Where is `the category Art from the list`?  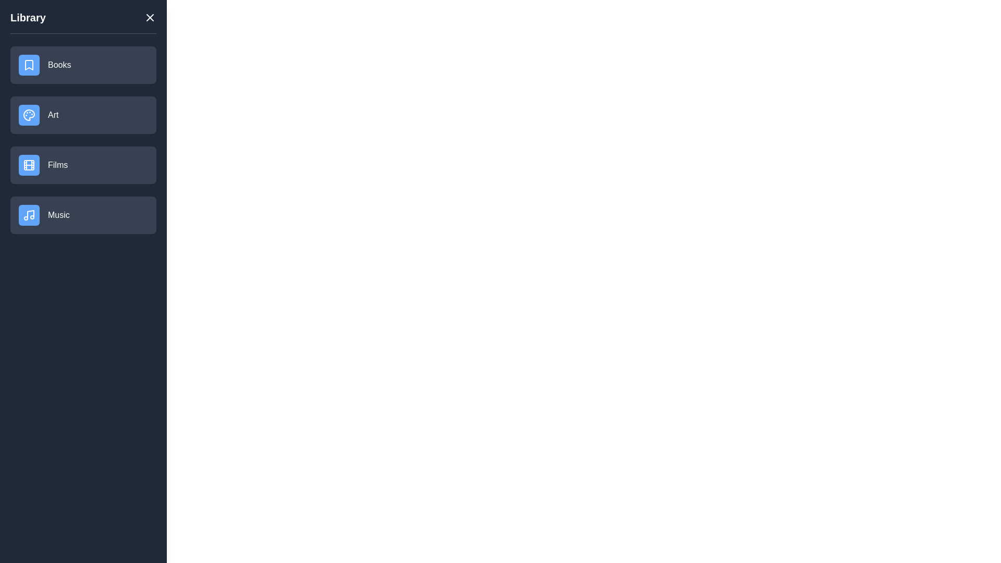 the category Art from the list is located at coordinates (82, 115).